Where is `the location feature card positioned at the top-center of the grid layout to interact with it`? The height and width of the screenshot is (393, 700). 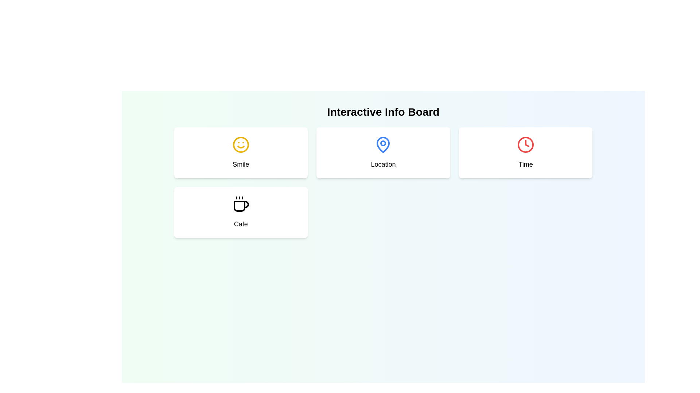 the location feature card positioned at the top-center of the grid layout to interact with it is located at coordinates (383, 152).